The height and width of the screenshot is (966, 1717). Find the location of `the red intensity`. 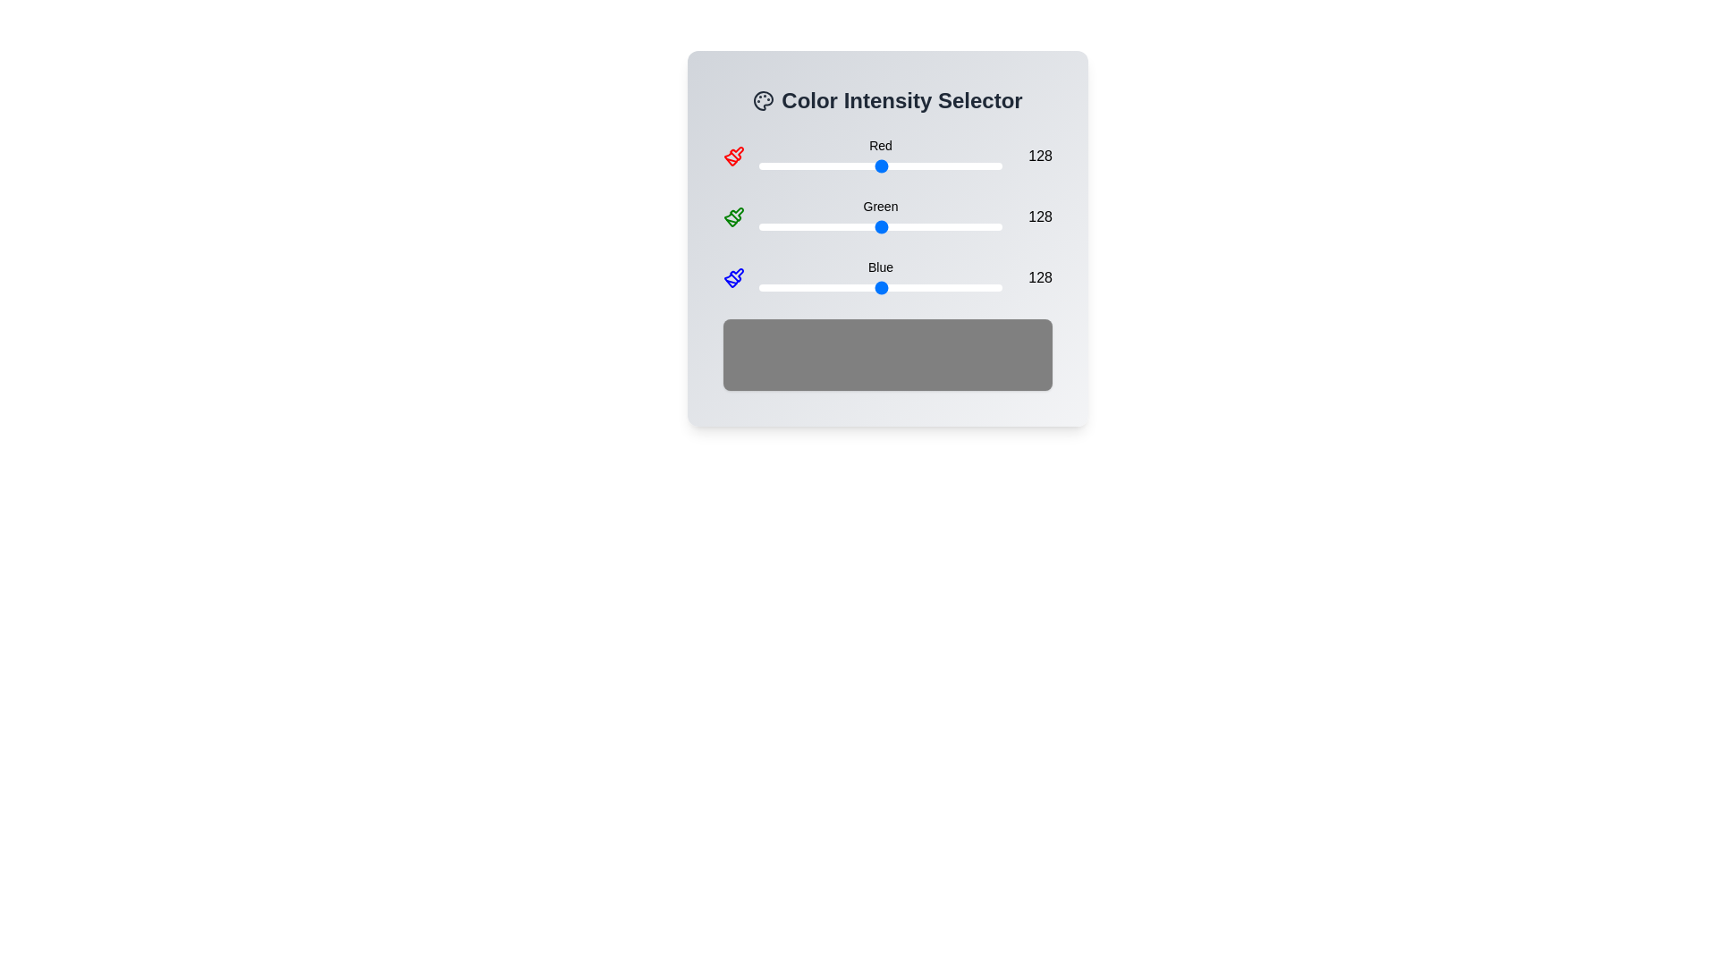

the red intensity is located at coordinates (947, 165).